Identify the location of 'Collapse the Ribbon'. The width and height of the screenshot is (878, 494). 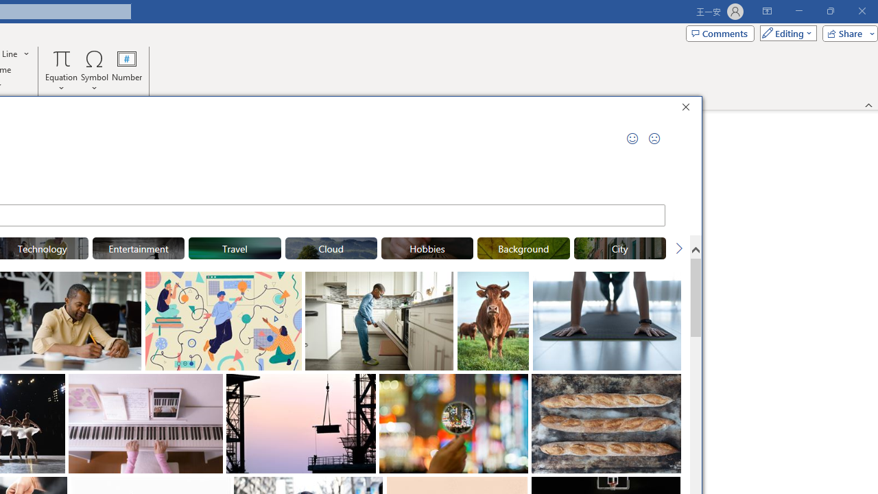
(868, 104).